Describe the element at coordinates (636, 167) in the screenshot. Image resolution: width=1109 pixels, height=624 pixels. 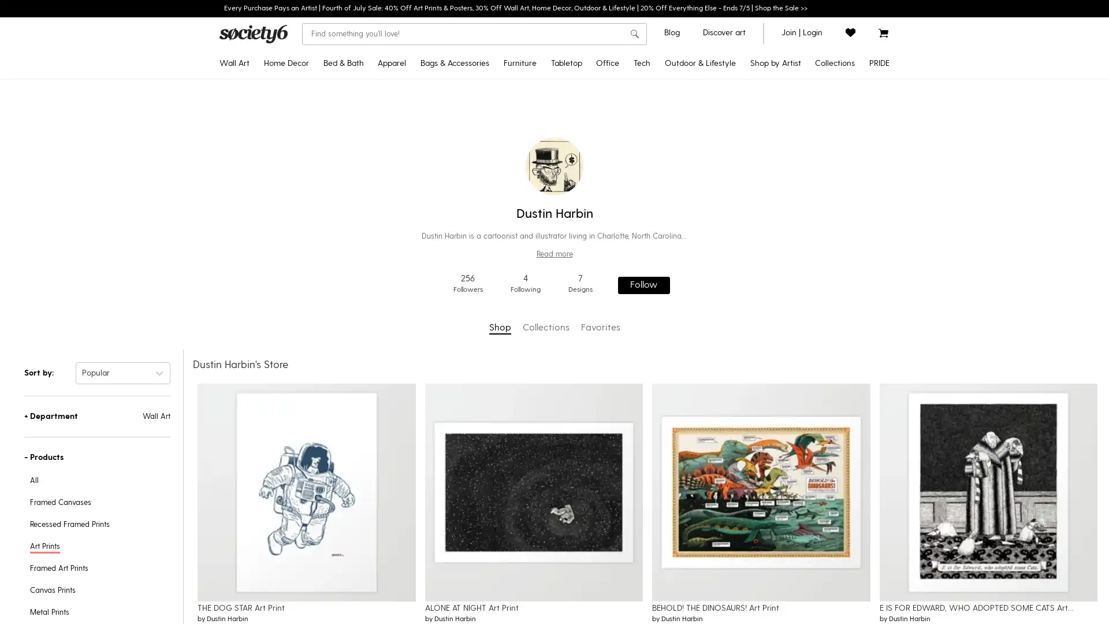
I see `Acrylic Trays` at that location.